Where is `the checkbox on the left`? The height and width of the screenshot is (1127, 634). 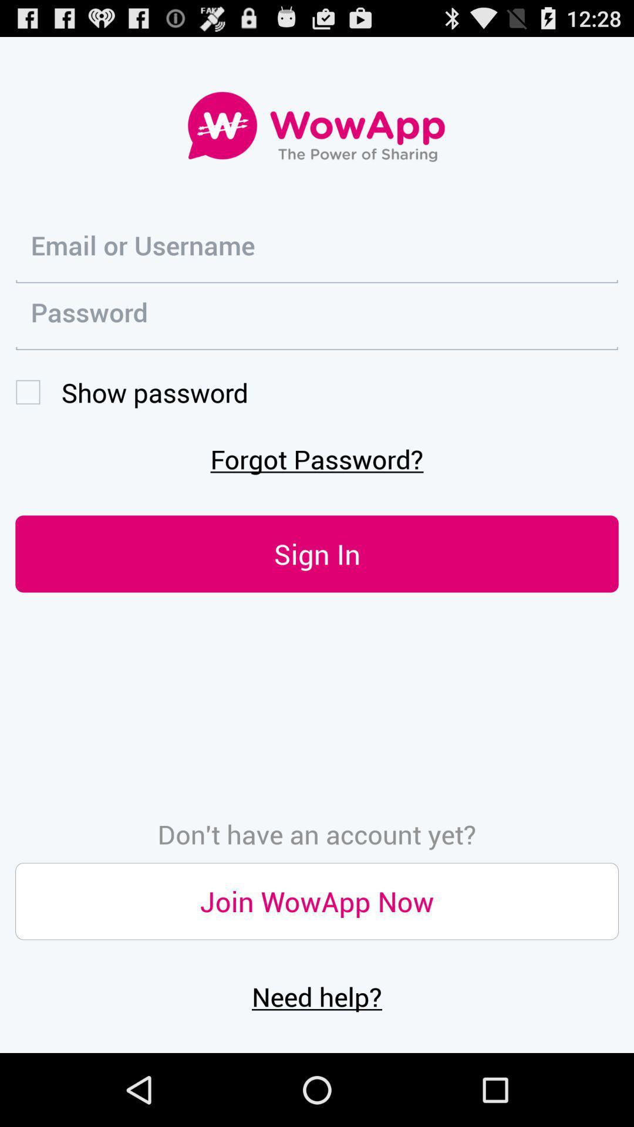 the checkbox on the left is located at coordinates (131, 392).